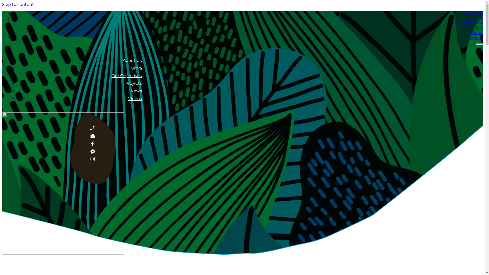 The image size is (489, 275). I want to click on 'Tumra', so click(135, 66).